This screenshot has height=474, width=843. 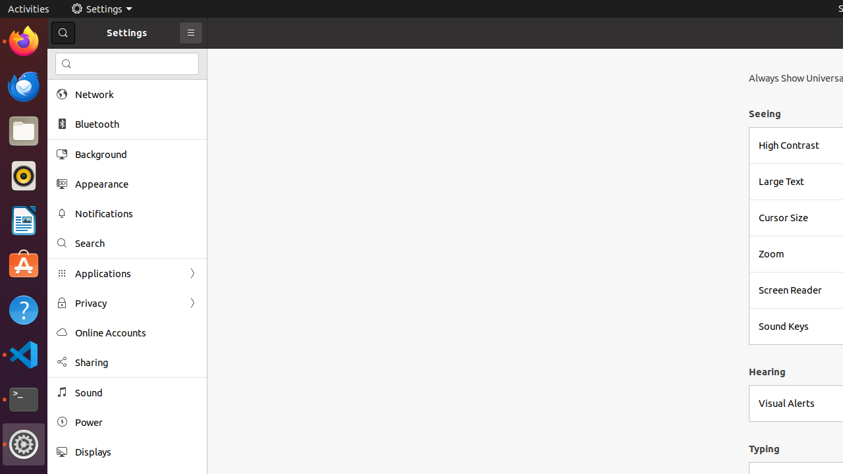 I want to click on 'Sound', so click(x=136, y=392).